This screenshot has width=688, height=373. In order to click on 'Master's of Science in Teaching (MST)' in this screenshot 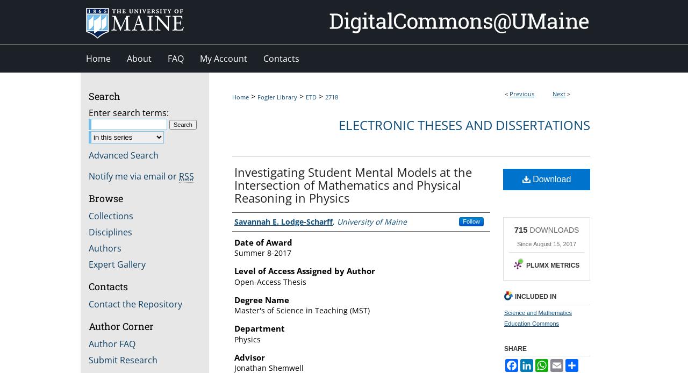, I will do `click(302, 310)`.